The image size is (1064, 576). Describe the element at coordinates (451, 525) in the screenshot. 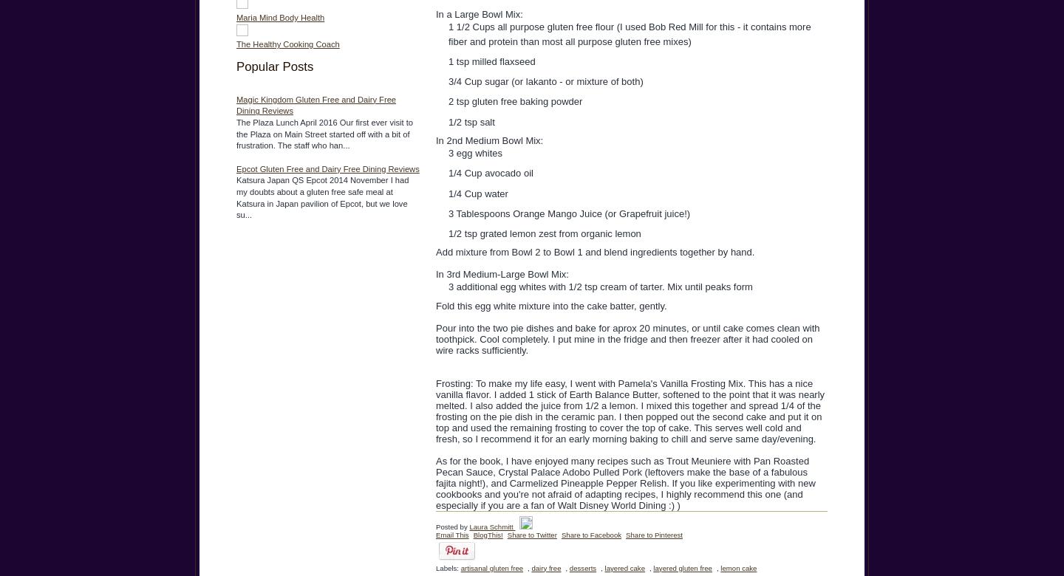

I see `'Posted by'` at that location.